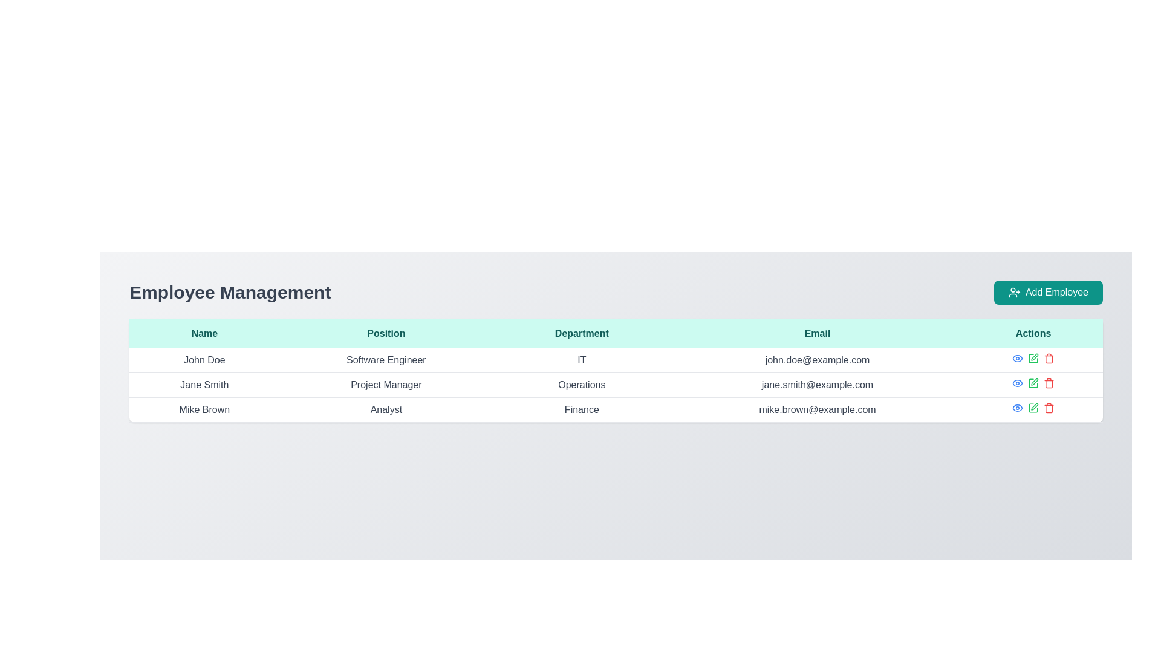 This screenshot has width=1161, height=653. What do you see at coordinates (385, 409) in the screenshot?
I see `the text element indicating the job position of the employee Mike Brown, located in the third row of the table under the 'Position' header column` at bounding box center [385, 409].